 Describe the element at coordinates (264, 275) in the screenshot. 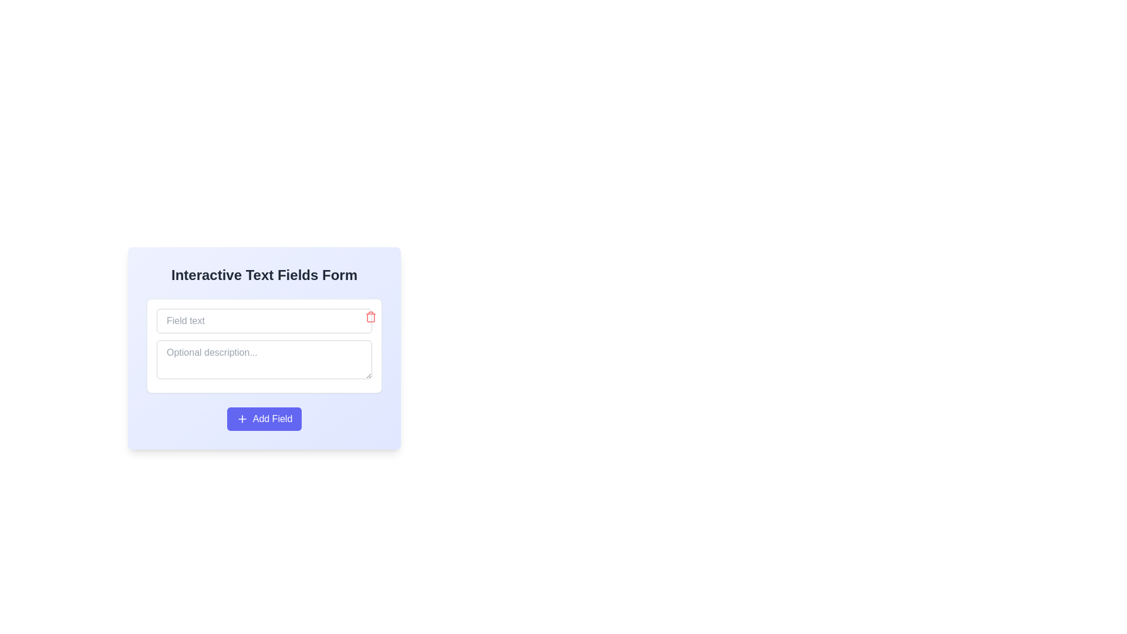

I see `the heading element styled with bold, large dark gray text saying 'Interactive Text Fields Form', which is prominently displayed at the top of a bordered and rounded card layout` at that location.